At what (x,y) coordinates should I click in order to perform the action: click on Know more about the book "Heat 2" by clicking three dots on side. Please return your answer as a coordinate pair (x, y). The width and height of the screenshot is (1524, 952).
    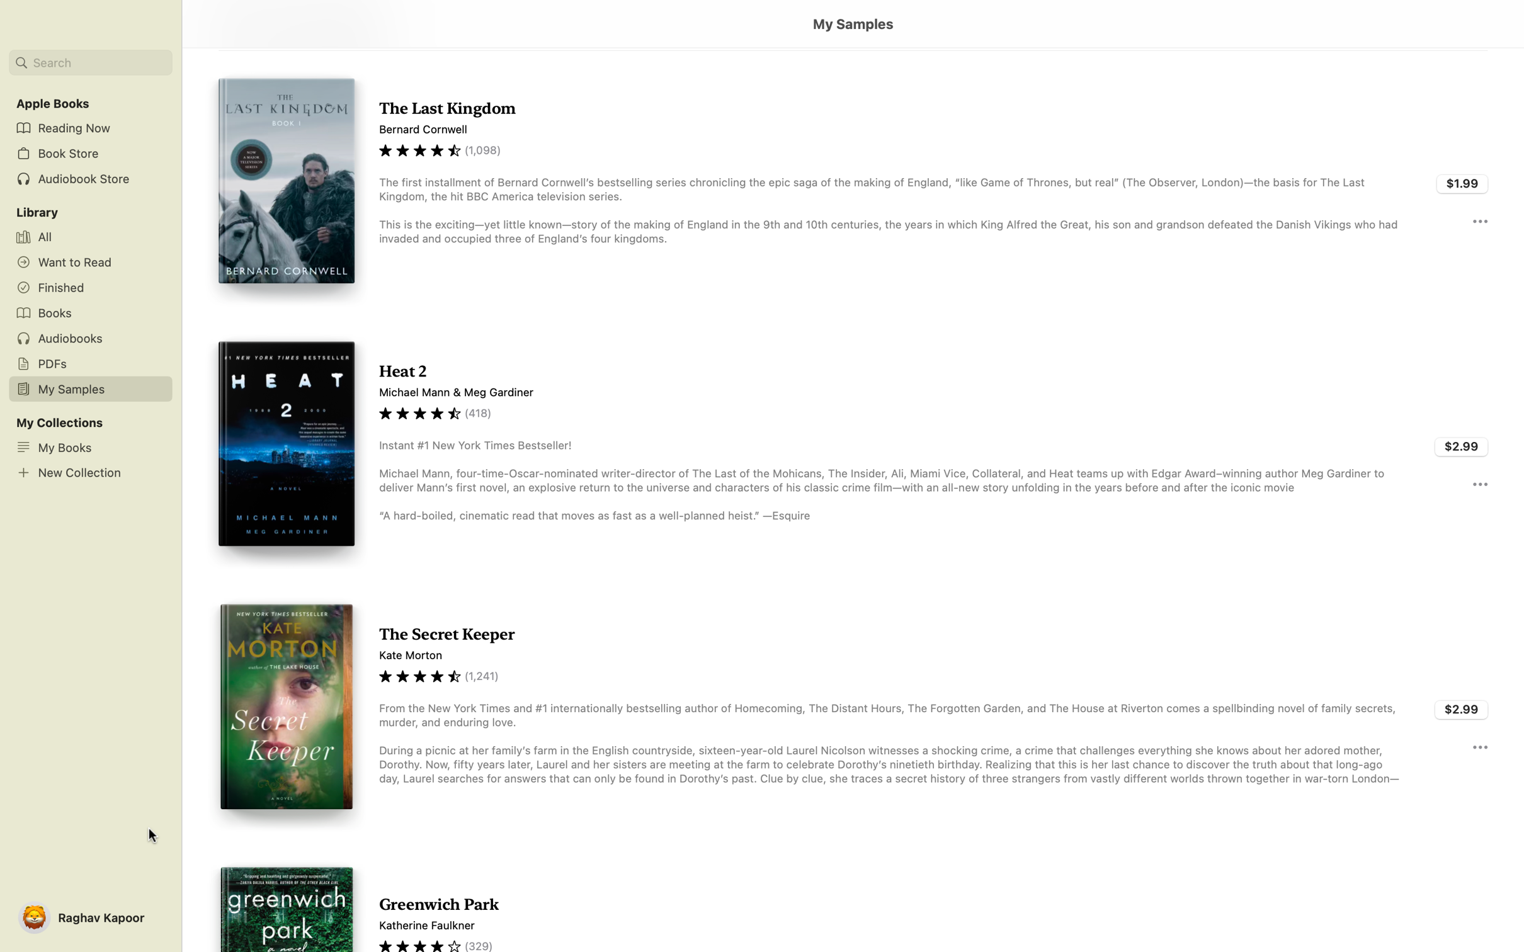
    Looking at the image, I should click on (1479, 484).